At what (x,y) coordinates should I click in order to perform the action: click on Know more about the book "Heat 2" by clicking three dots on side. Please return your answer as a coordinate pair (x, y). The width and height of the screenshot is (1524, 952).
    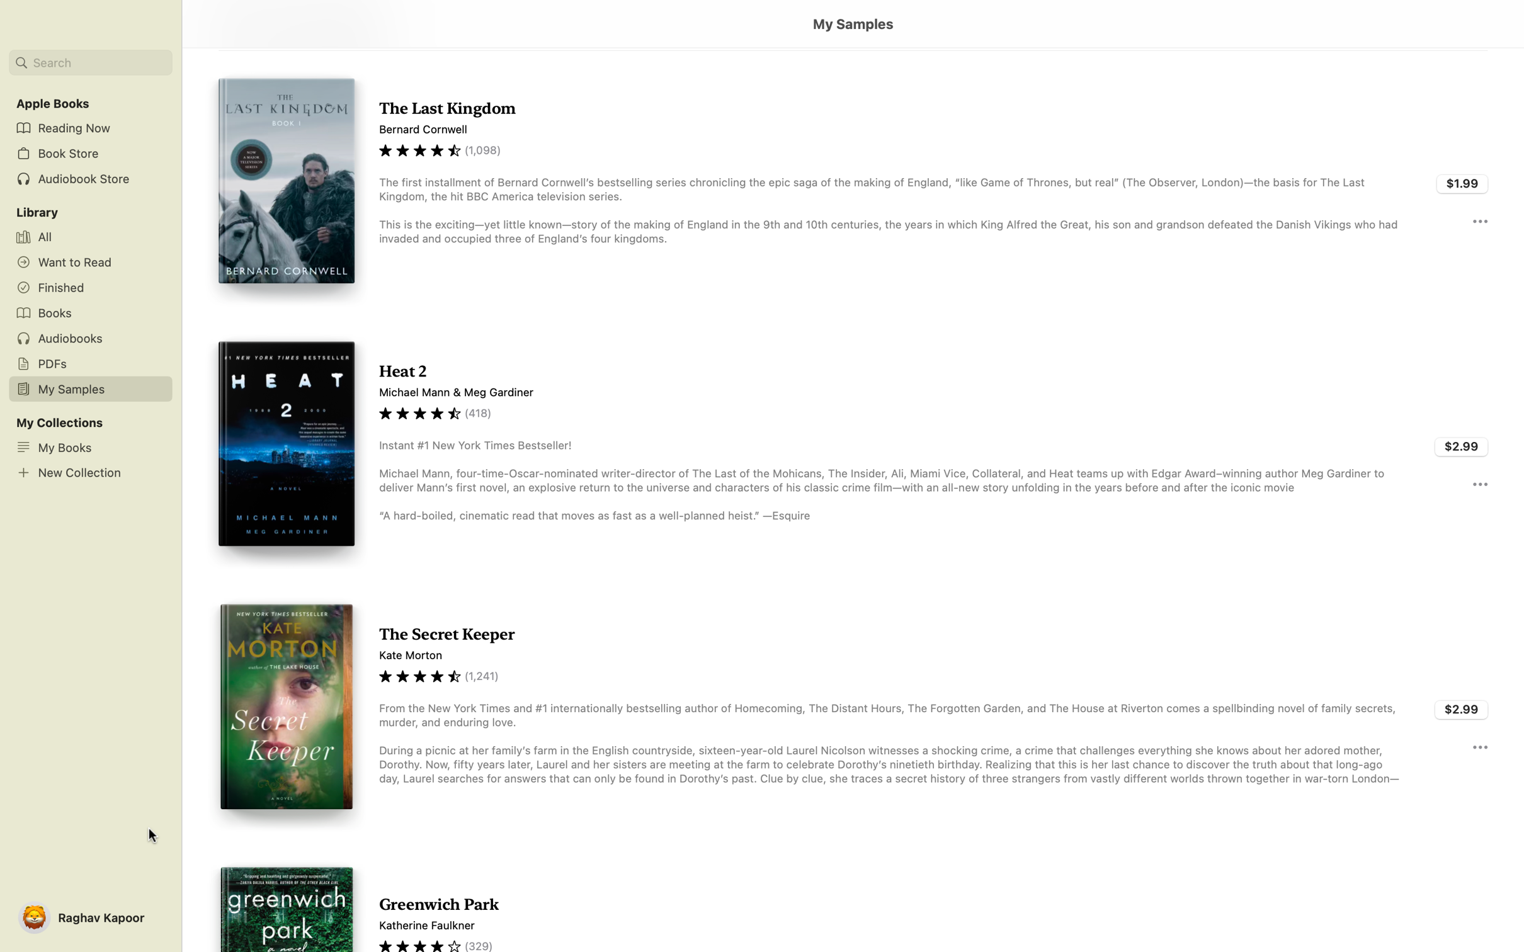
    Looking at the image, I should click on (1479, 484).